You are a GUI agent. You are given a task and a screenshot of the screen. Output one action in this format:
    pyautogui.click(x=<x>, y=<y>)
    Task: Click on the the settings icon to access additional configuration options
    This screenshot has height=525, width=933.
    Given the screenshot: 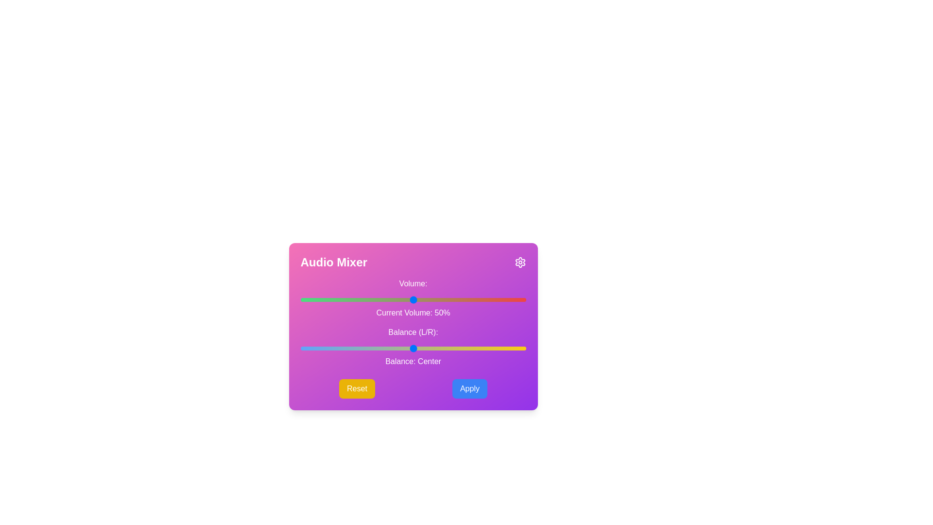 What is the action you would take?
    pyautogui.click(x=519, y=262)
    